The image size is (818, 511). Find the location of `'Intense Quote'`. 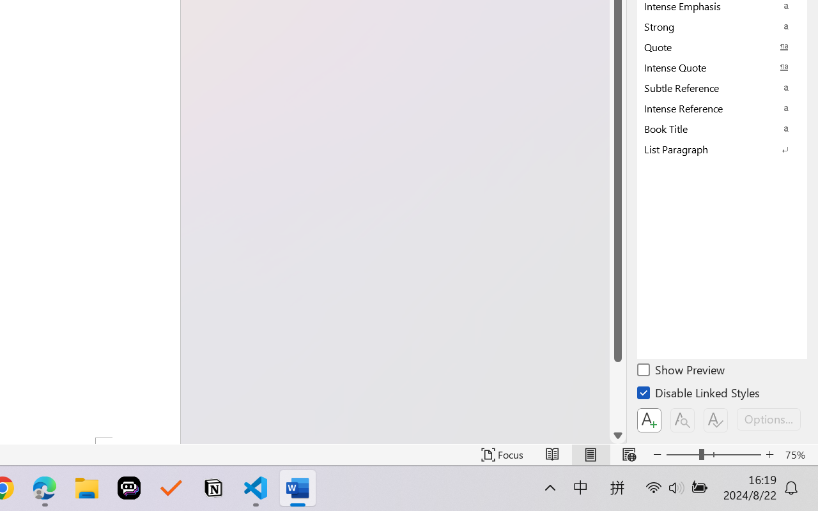

'Intense Quote' is located at coordinates (722, 66).